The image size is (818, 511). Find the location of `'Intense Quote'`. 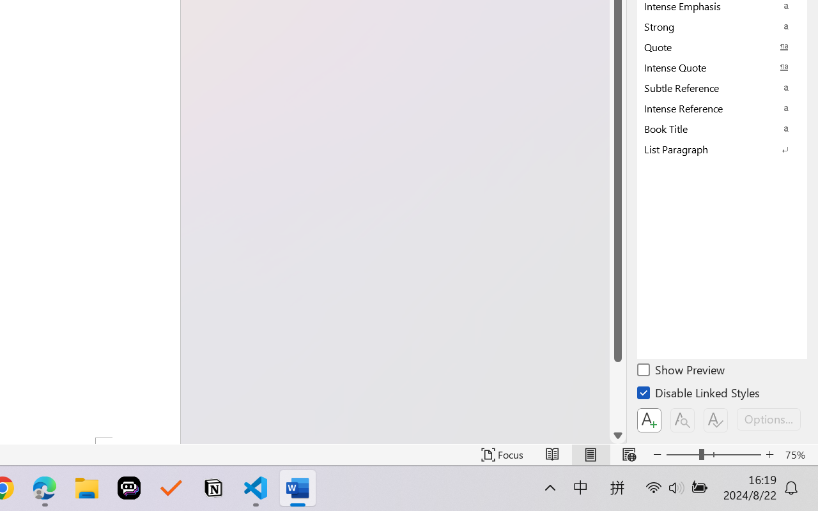

'Intense Quote' is located at coordinates (722, 66).